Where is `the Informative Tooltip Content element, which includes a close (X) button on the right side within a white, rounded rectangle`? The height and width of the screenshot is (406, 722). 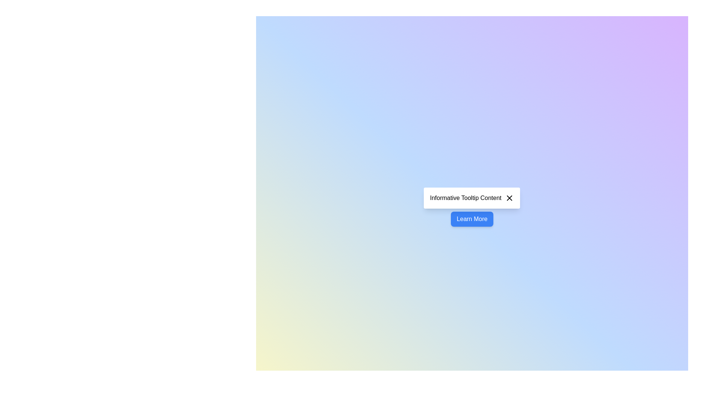
the Informative Tooltip Content element, which includes a close (X) button on the right side within a white, rounded rectangle is located at coordinates (472, 198).